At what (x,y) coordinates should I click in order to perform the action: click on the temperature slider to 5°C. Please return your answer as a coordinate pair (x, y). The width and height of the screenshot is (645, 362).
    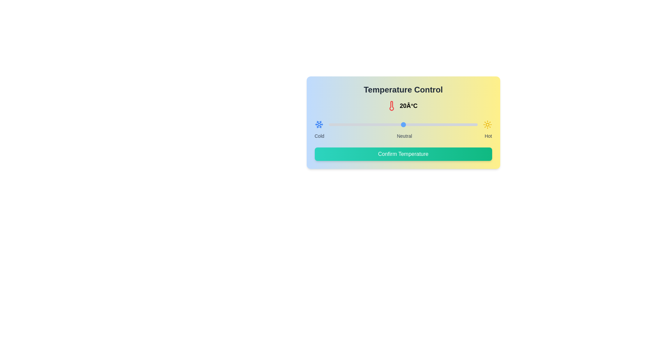
    Looking at the image, I should click on (347, 124).